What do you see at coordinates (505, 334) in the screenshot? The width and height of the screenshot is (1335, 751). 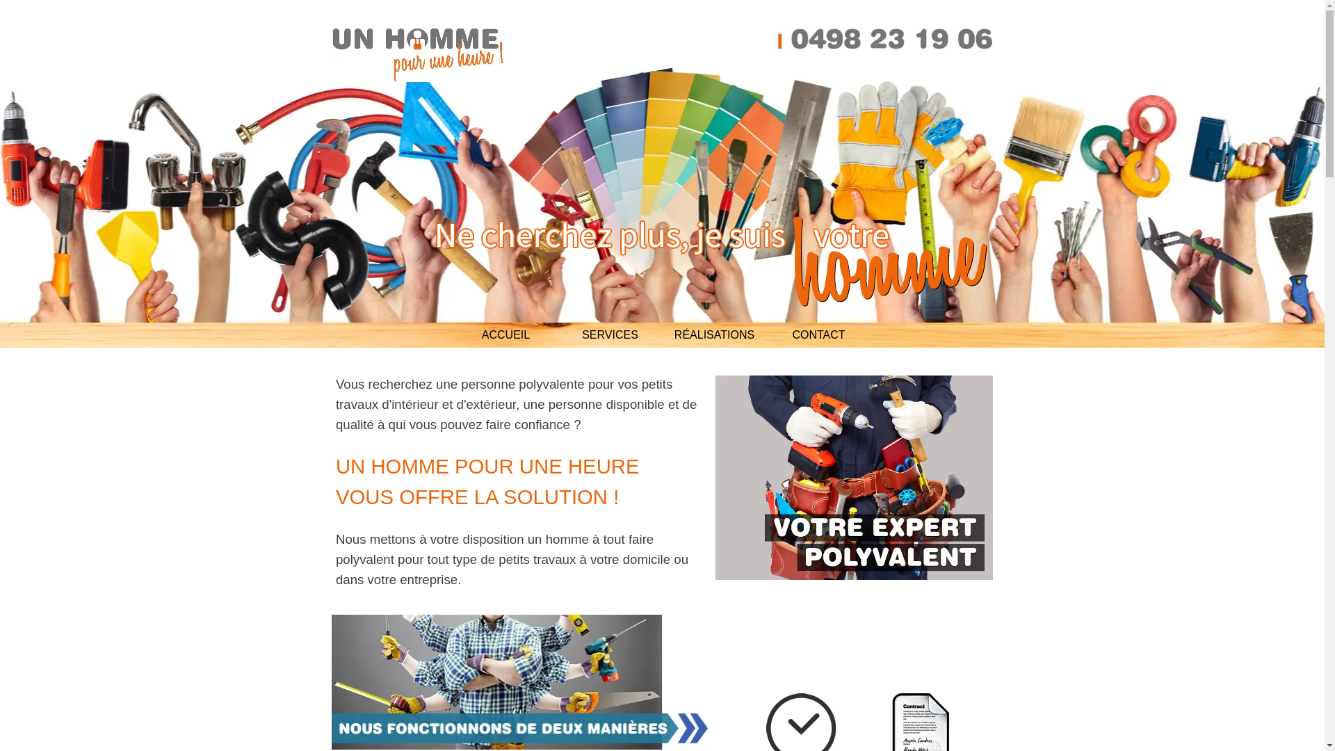 I see `'ACCUEIL'` at bounding box center [505, 334].